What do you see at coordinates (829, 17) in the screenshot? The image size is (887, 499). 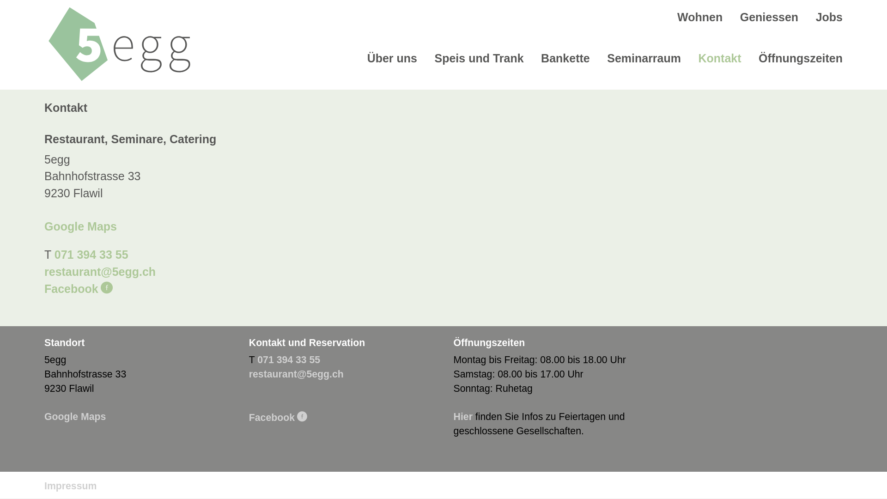 I see `'Jobs'` at bounding box center [829, 17].